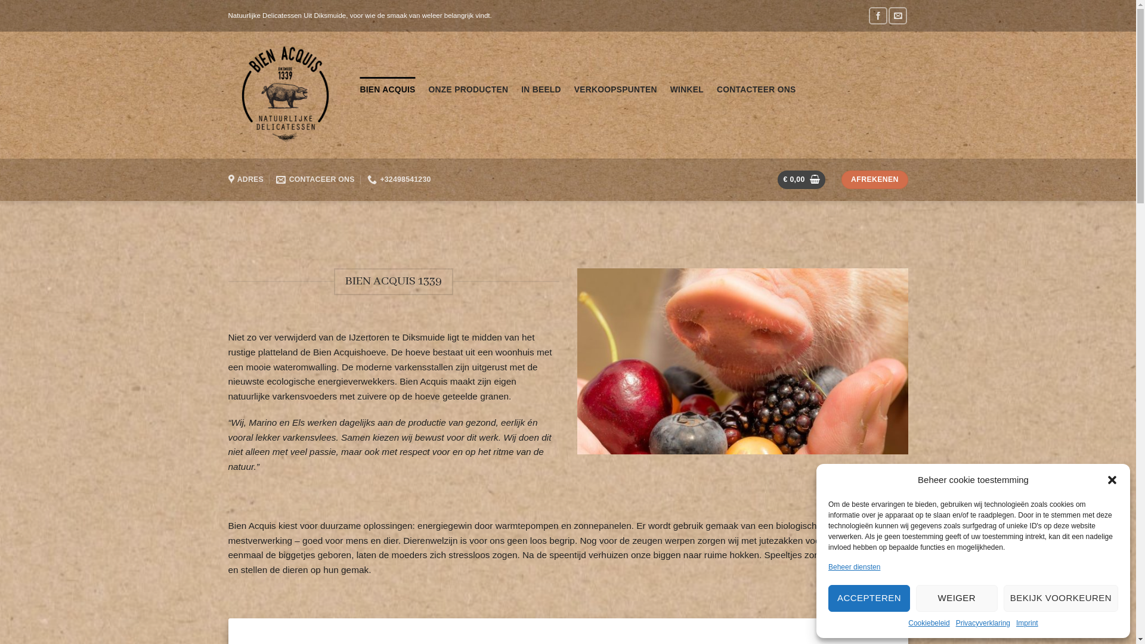  What do you see at coordinates (468, 89) in the screenshot?
I see `'ONZE PRODUCTEN'` at bounding box center [468, 89].